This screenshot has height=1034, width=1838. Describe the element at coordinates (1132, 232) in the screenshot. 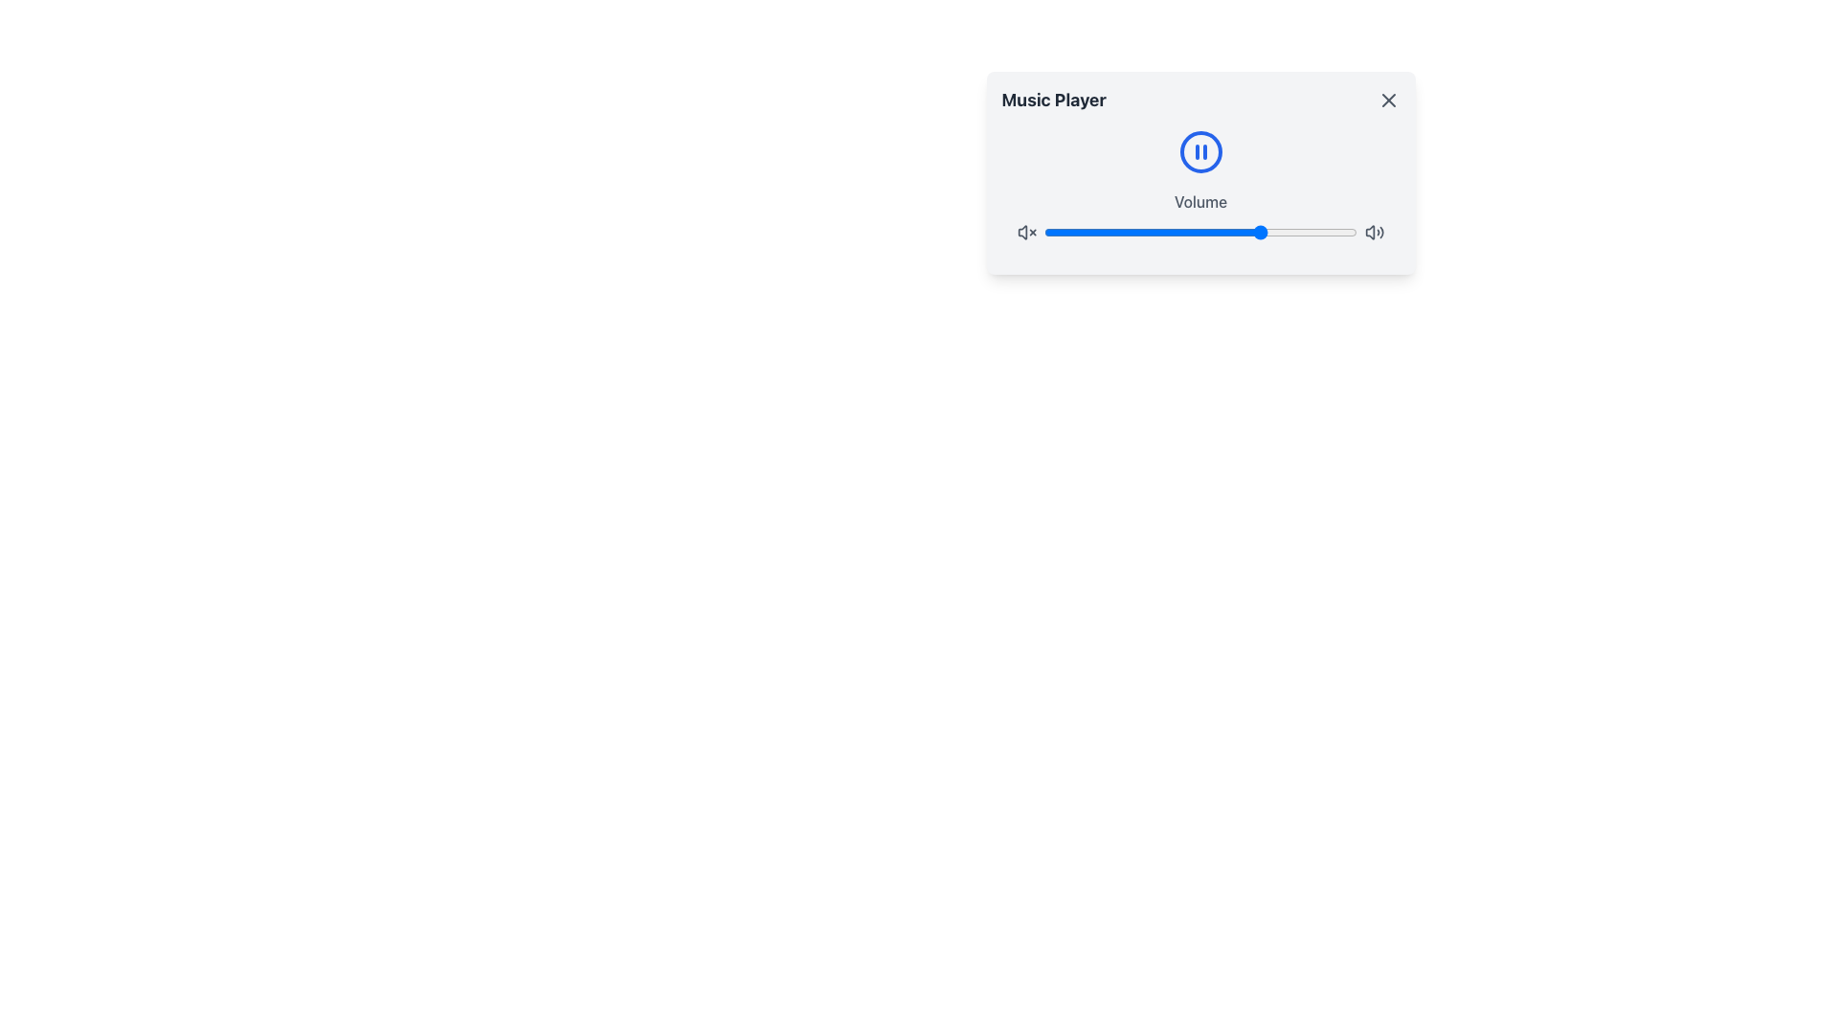

I see `the volume slider` at that location.